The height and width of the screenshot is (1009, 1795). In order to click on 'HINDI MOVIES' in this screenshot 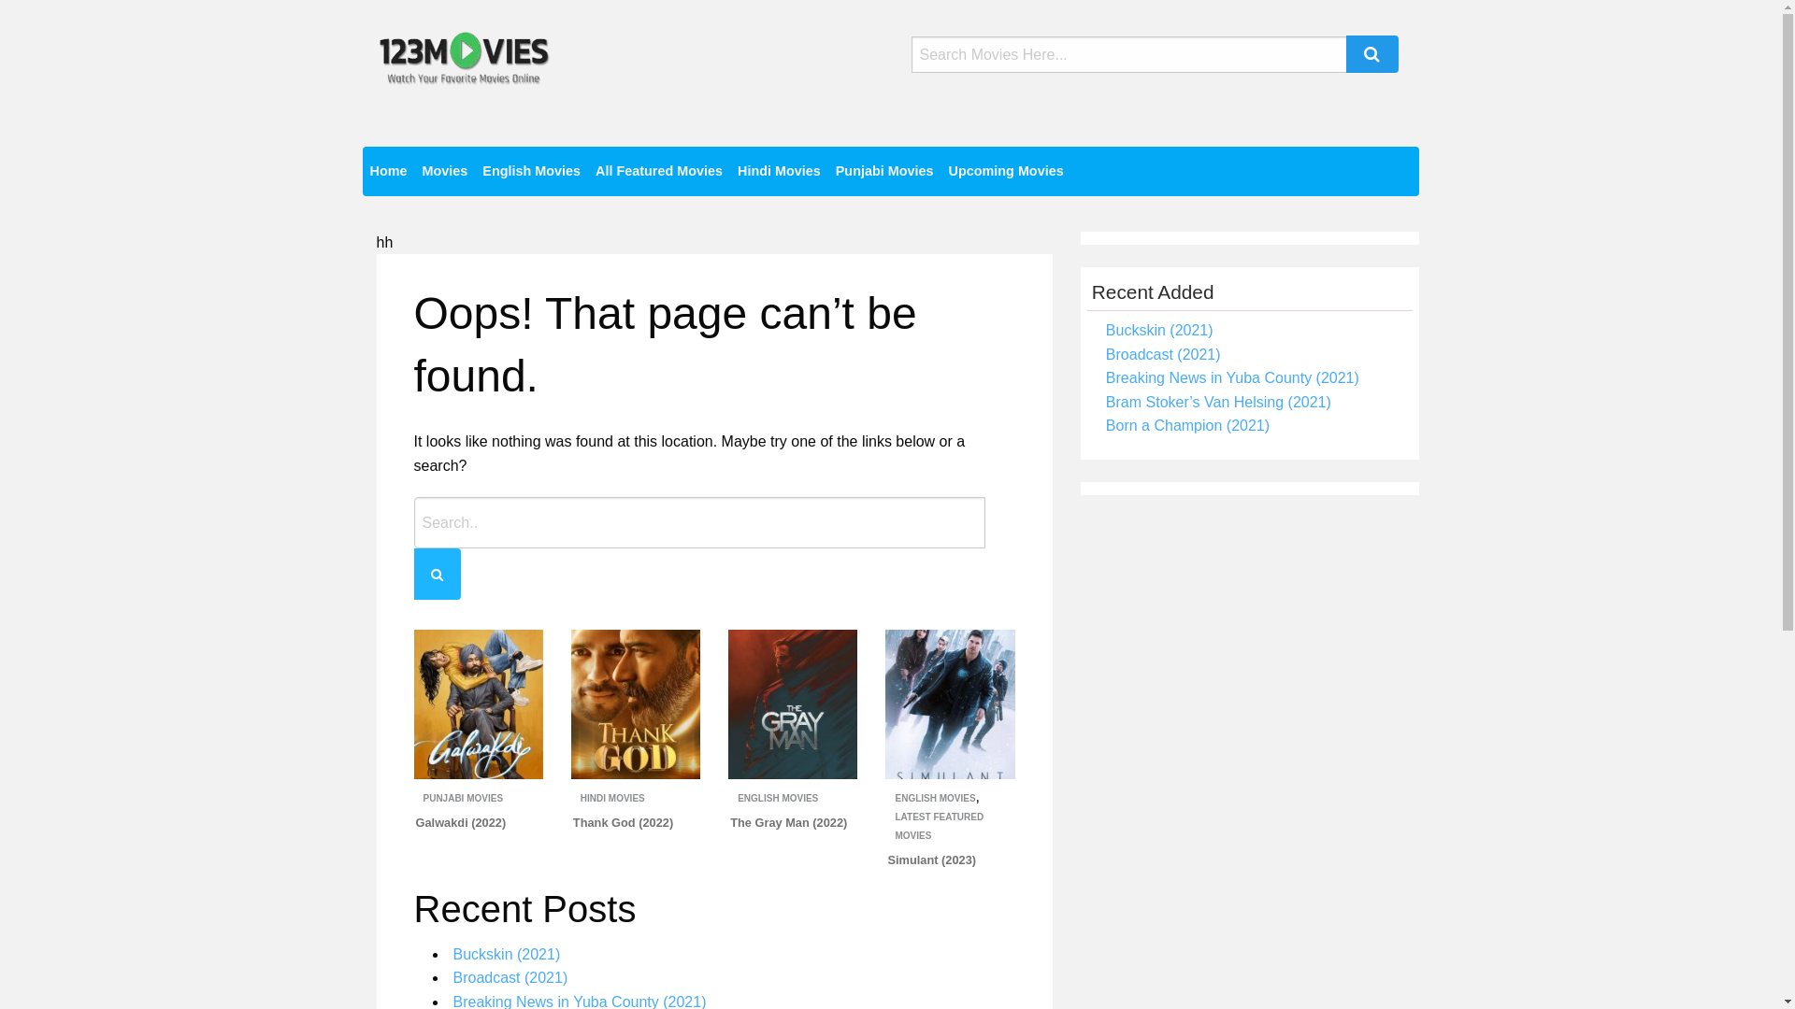, I will do `click(612, 798)`.